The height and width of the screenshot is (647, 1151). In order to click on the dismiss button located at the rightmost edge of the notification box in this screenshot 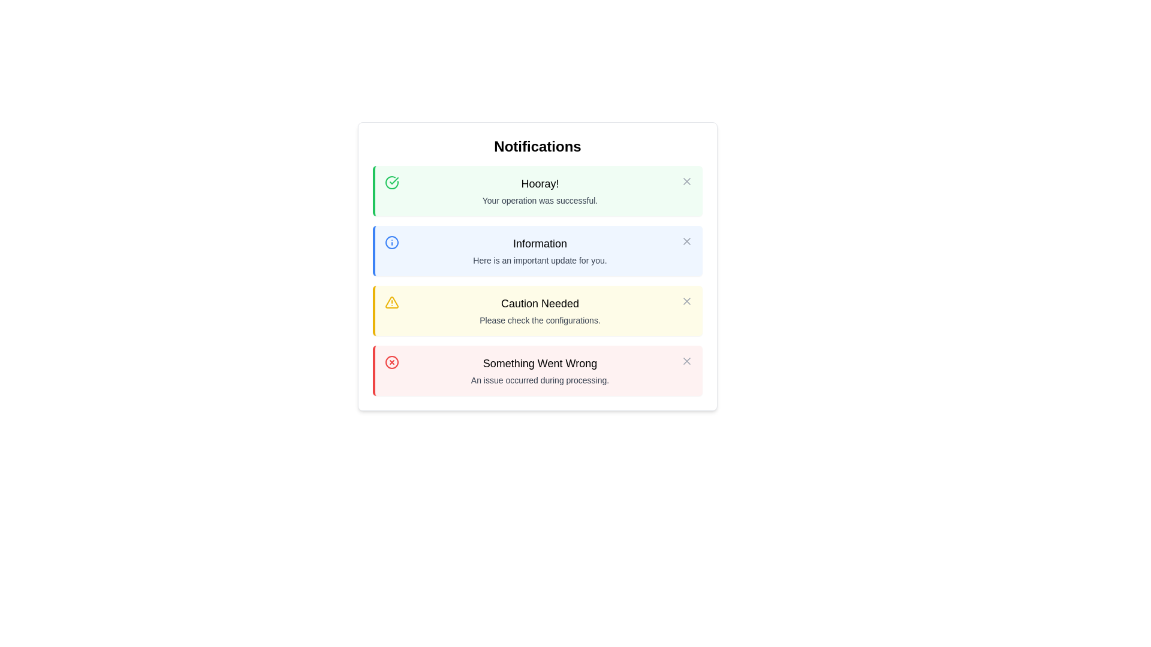, I will do `click(687, 241)`.